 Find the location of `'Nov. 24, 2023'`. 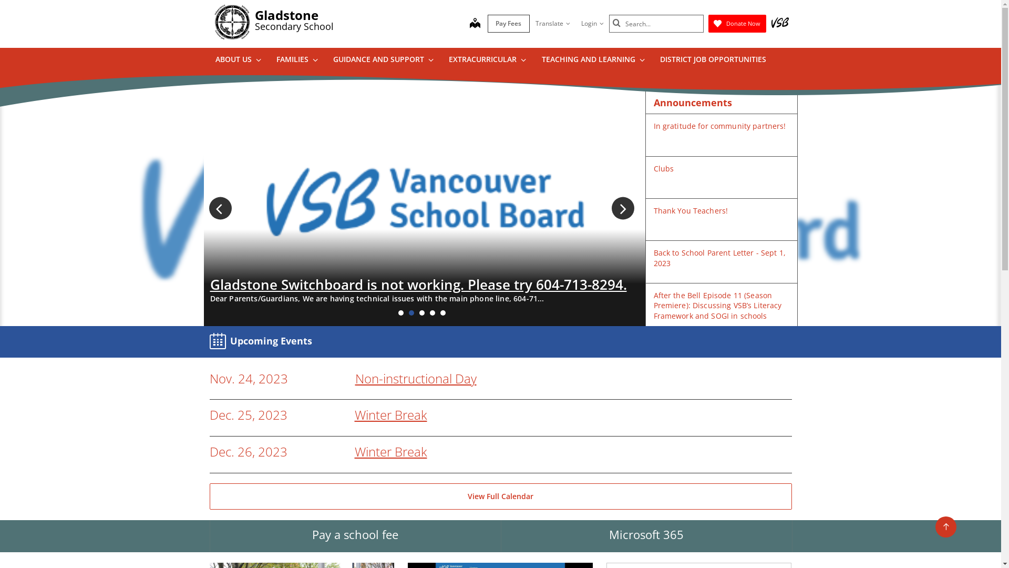

'Nov. 24, 2023' is located at coordinates (248, 379).